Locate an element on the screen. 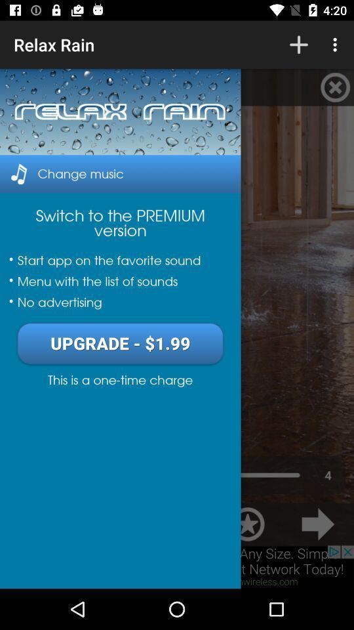 This screenshot has height=630, width=354. the arrow_forward icon is located at coordinates (317, 524).